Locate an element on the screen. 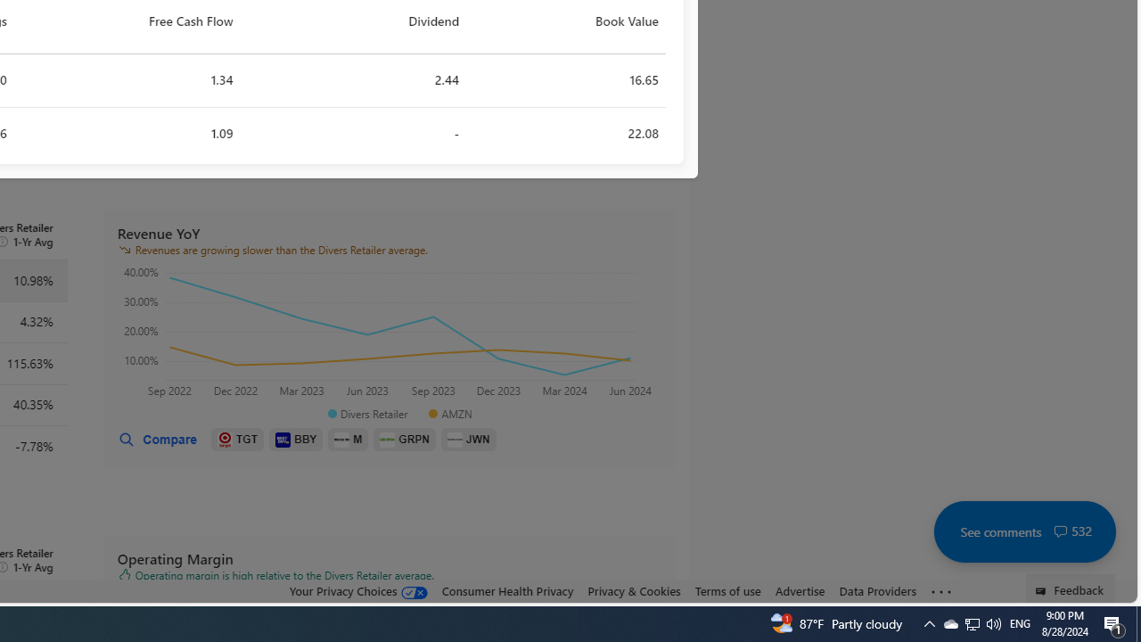 This screenshot has height=642, width=1141. 'GRPN' is located at coordinates (404, 440).